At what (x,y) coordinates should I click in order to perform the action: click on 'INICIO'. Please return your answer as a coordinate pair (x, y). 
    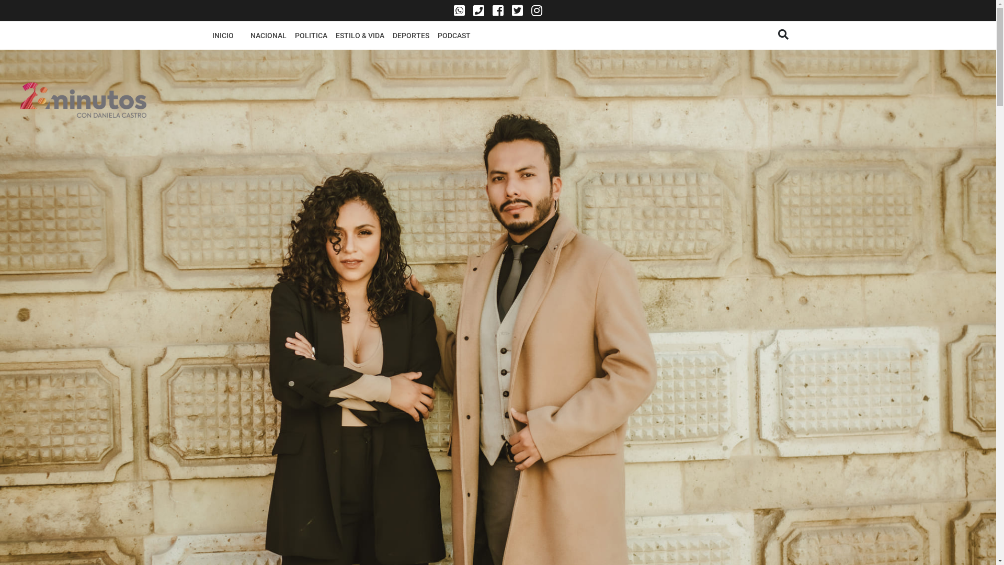
    Looking at the image, I should click on (222, 35).